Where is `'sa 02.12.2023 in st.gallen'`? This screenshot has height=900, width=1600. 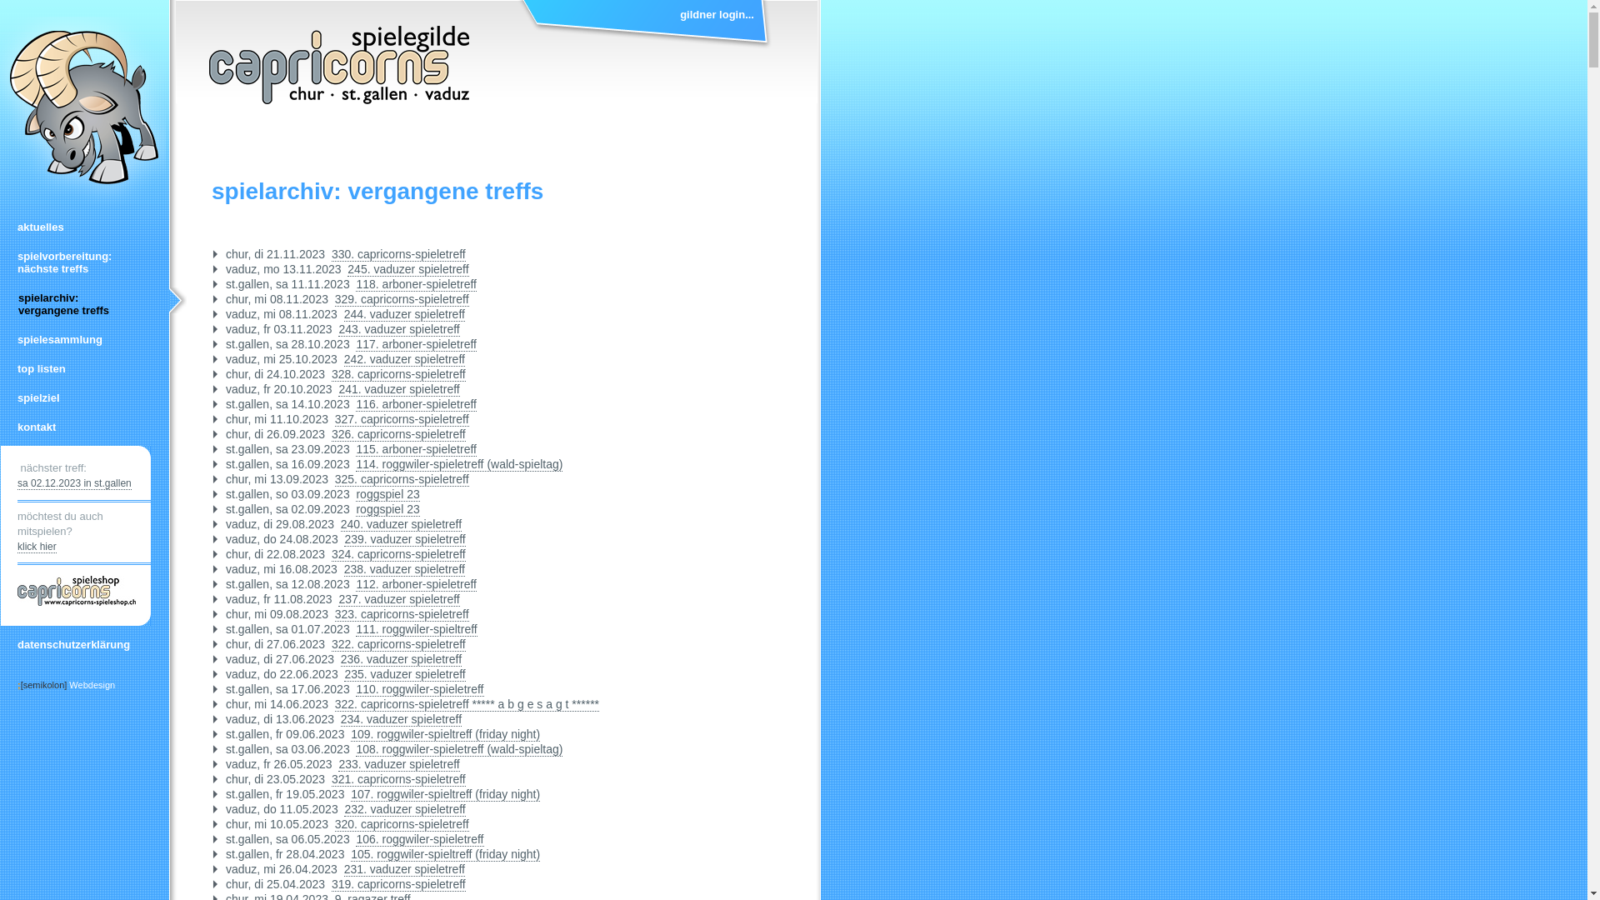
'sa 02.12.2023 in st.gallen' is located at coordinates (73, 483).